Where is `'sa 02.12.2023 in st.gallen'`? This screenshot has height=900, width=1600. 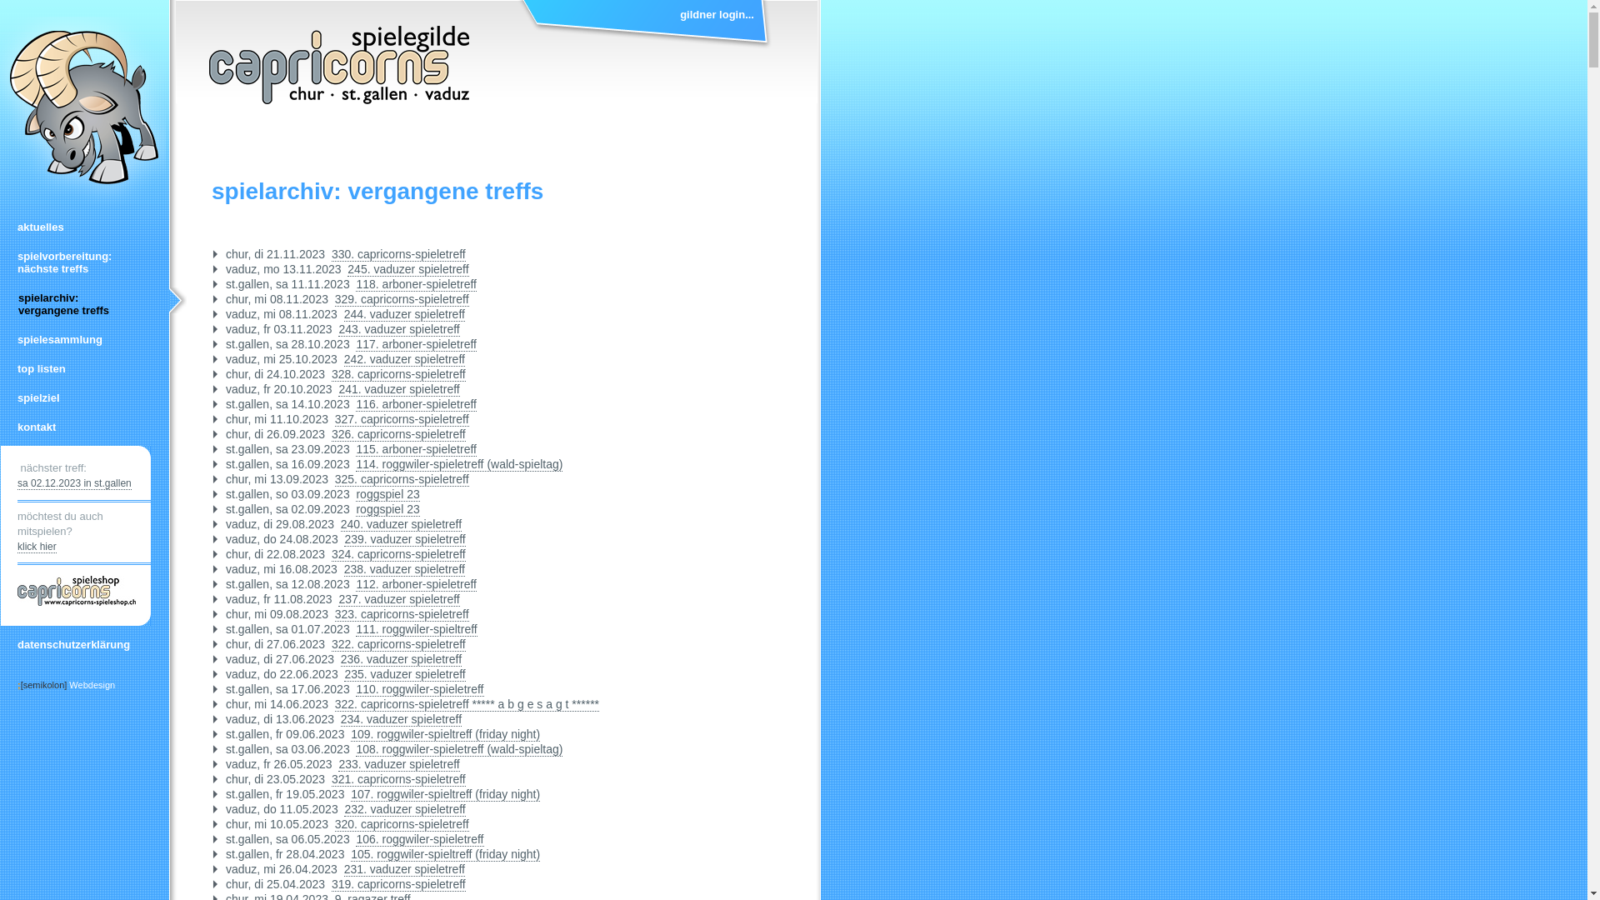
'sa 02.12.2023 in st.gallen' is located at coordinates (73, 483).